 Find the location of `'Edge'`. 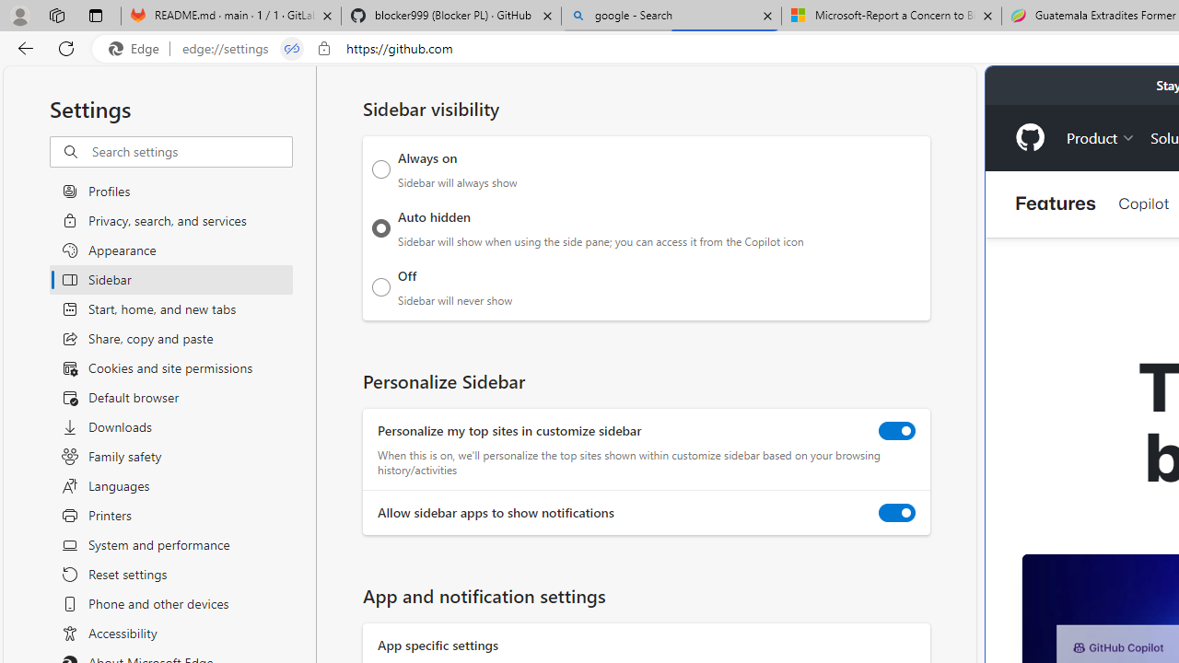

'Edge' is located at coordinates (137, 48).